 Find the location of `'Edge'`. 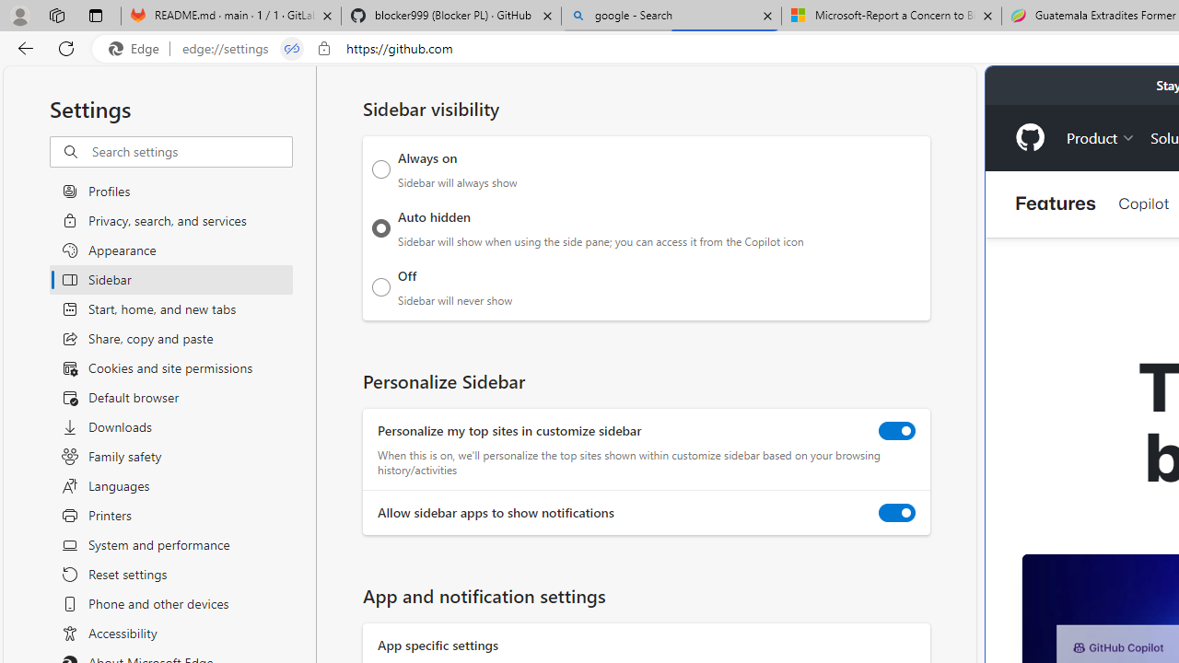

'Edge' is located at coordinates (137, 48).